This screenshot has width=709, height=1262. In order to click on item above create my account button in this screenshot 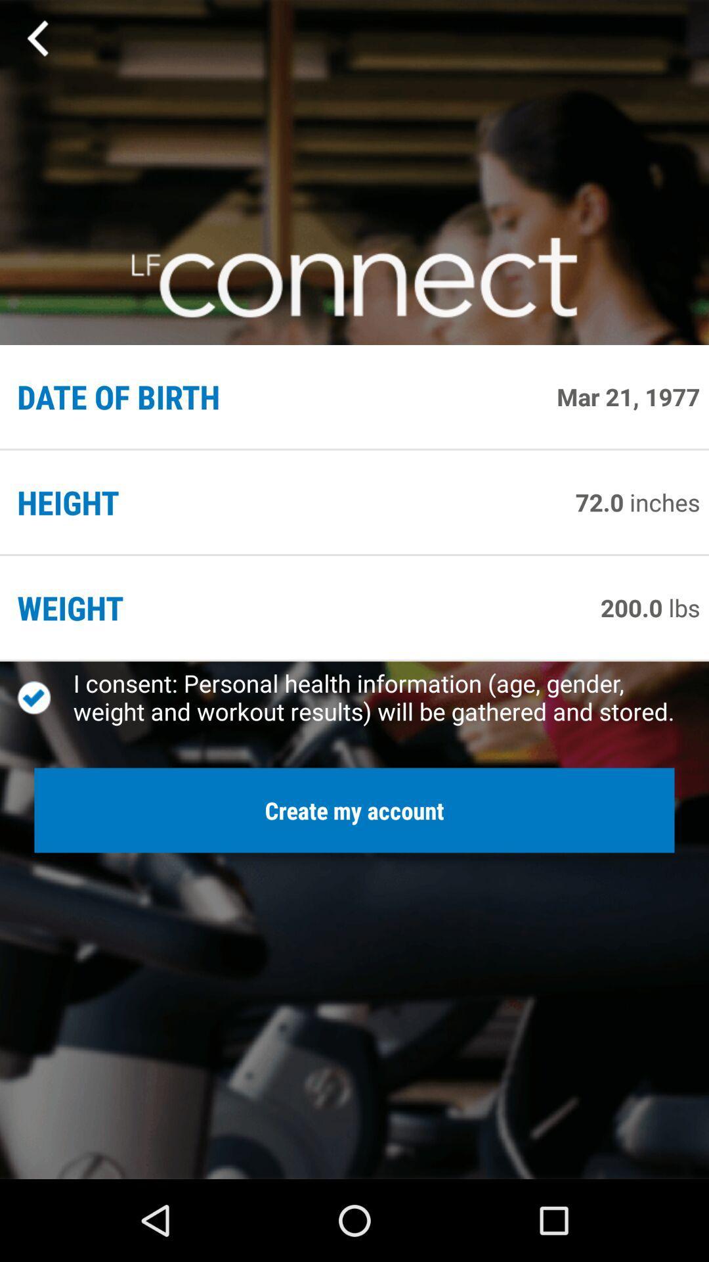, I will do `click(45, 697)`.